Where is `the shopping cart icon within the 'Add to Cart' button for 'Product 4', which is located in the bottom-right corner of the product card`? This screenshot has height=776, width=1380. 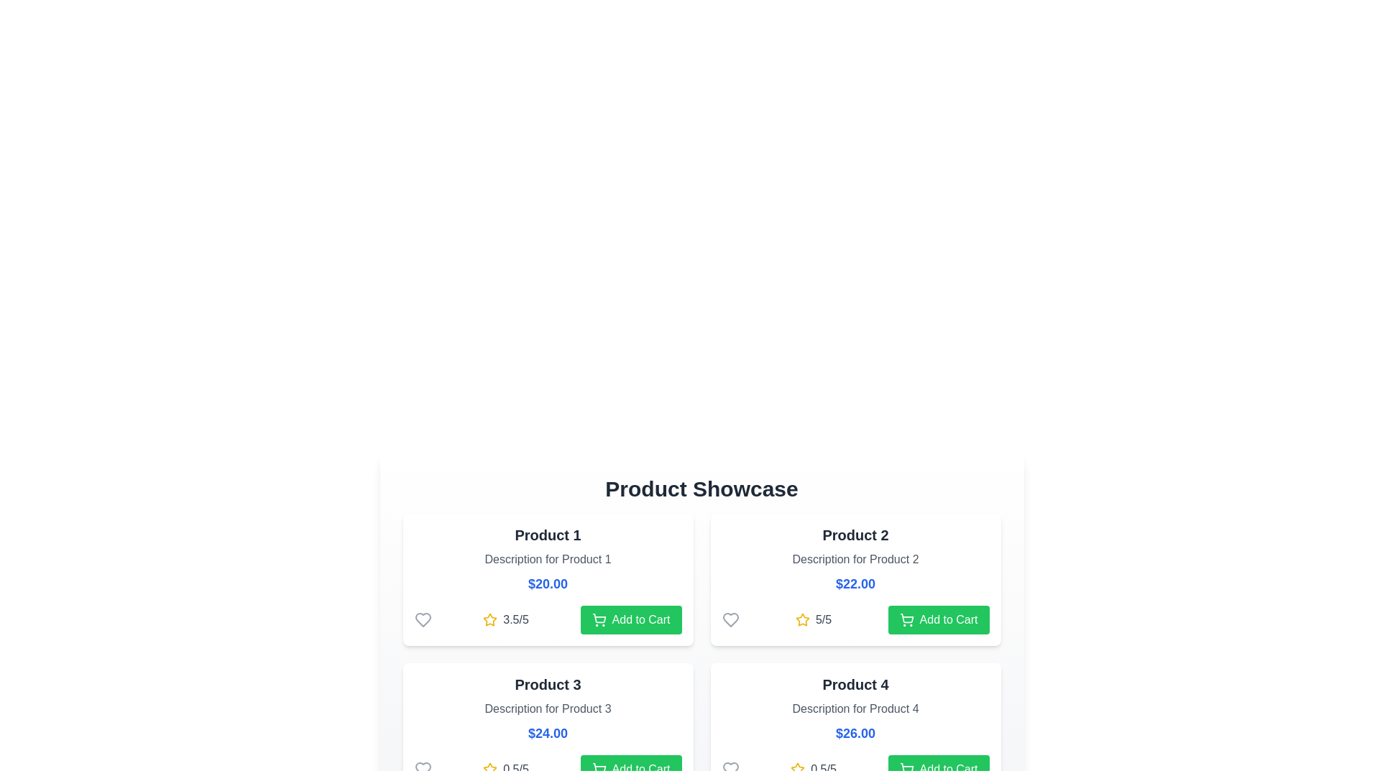
the shopping cart icon within the 'Add to Cart' button for 'Product 4', which is located in the bottom-right corner of the product card is located at coordinates (906, 767).